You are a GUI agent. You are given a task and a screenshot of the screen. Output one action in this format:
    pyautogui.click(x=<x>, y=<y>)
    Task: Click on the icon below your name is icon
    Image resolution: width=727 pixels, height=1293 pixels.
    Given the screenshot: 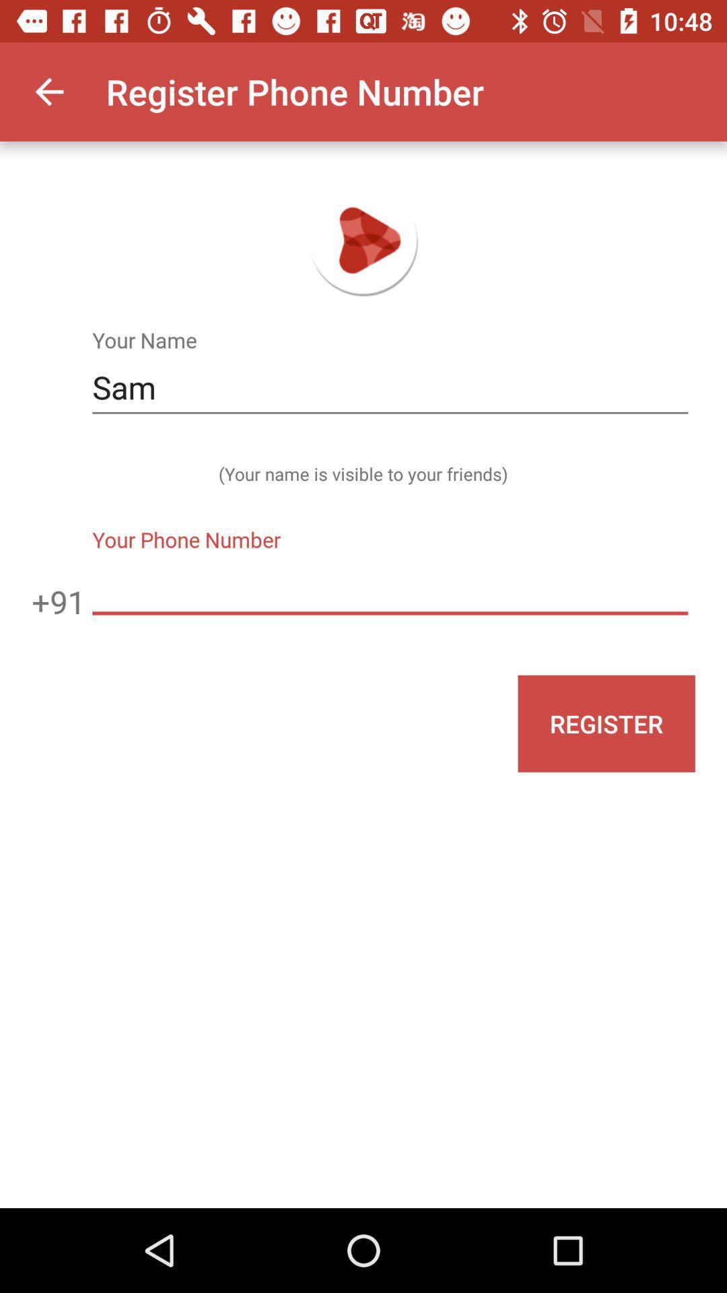 What is the action you would take?
    pyautogui.click(x=390, y=587)
    